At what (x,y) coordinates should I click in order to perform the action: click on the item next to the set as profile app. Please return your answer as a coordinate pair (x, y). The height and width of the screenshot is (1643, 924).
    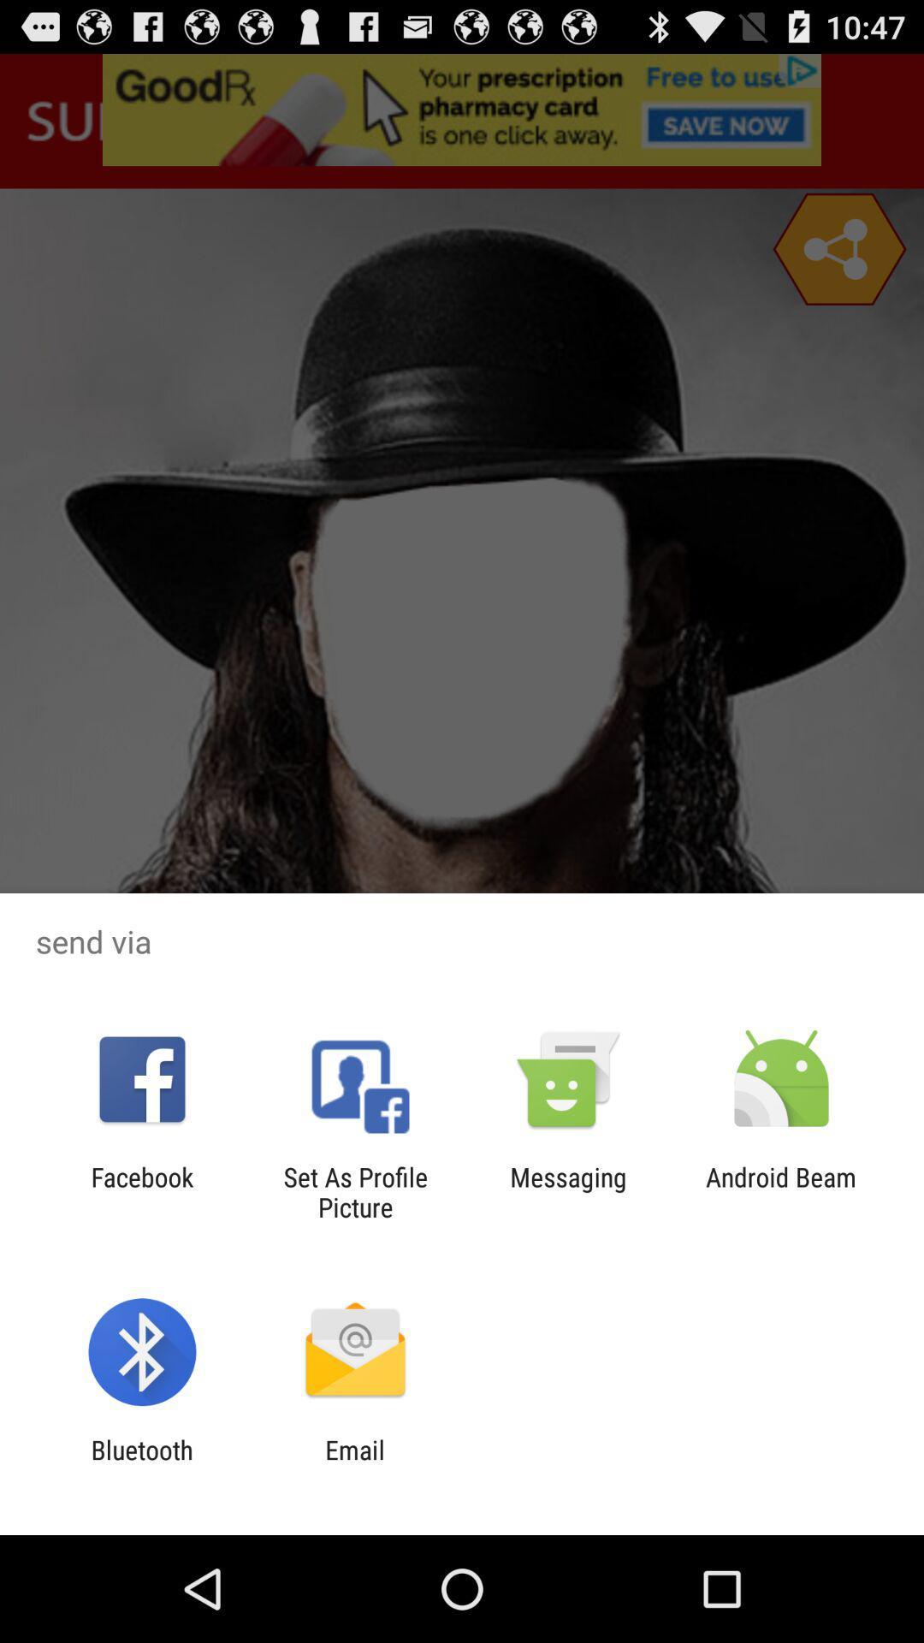
    Looking at the image, I should click on (568, 1191).